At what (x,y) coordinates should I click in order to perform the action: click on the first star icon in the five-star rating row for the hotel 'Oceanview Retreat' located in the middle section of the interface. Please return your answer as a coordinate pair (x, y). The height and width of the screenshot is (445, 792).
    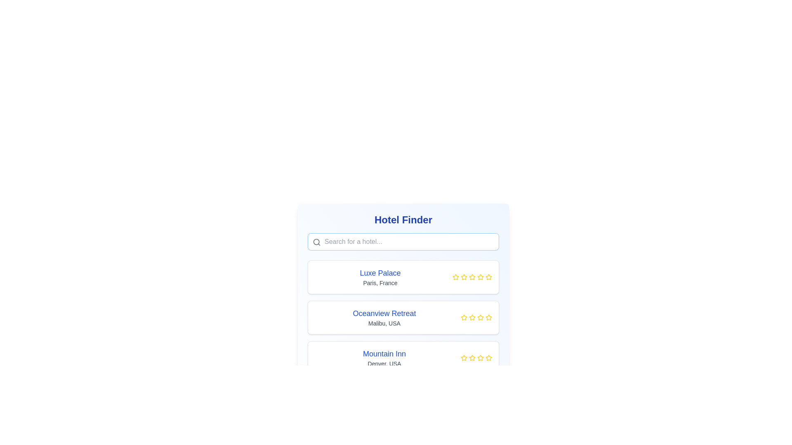
    Looking at the image, I should click on (464, 317).